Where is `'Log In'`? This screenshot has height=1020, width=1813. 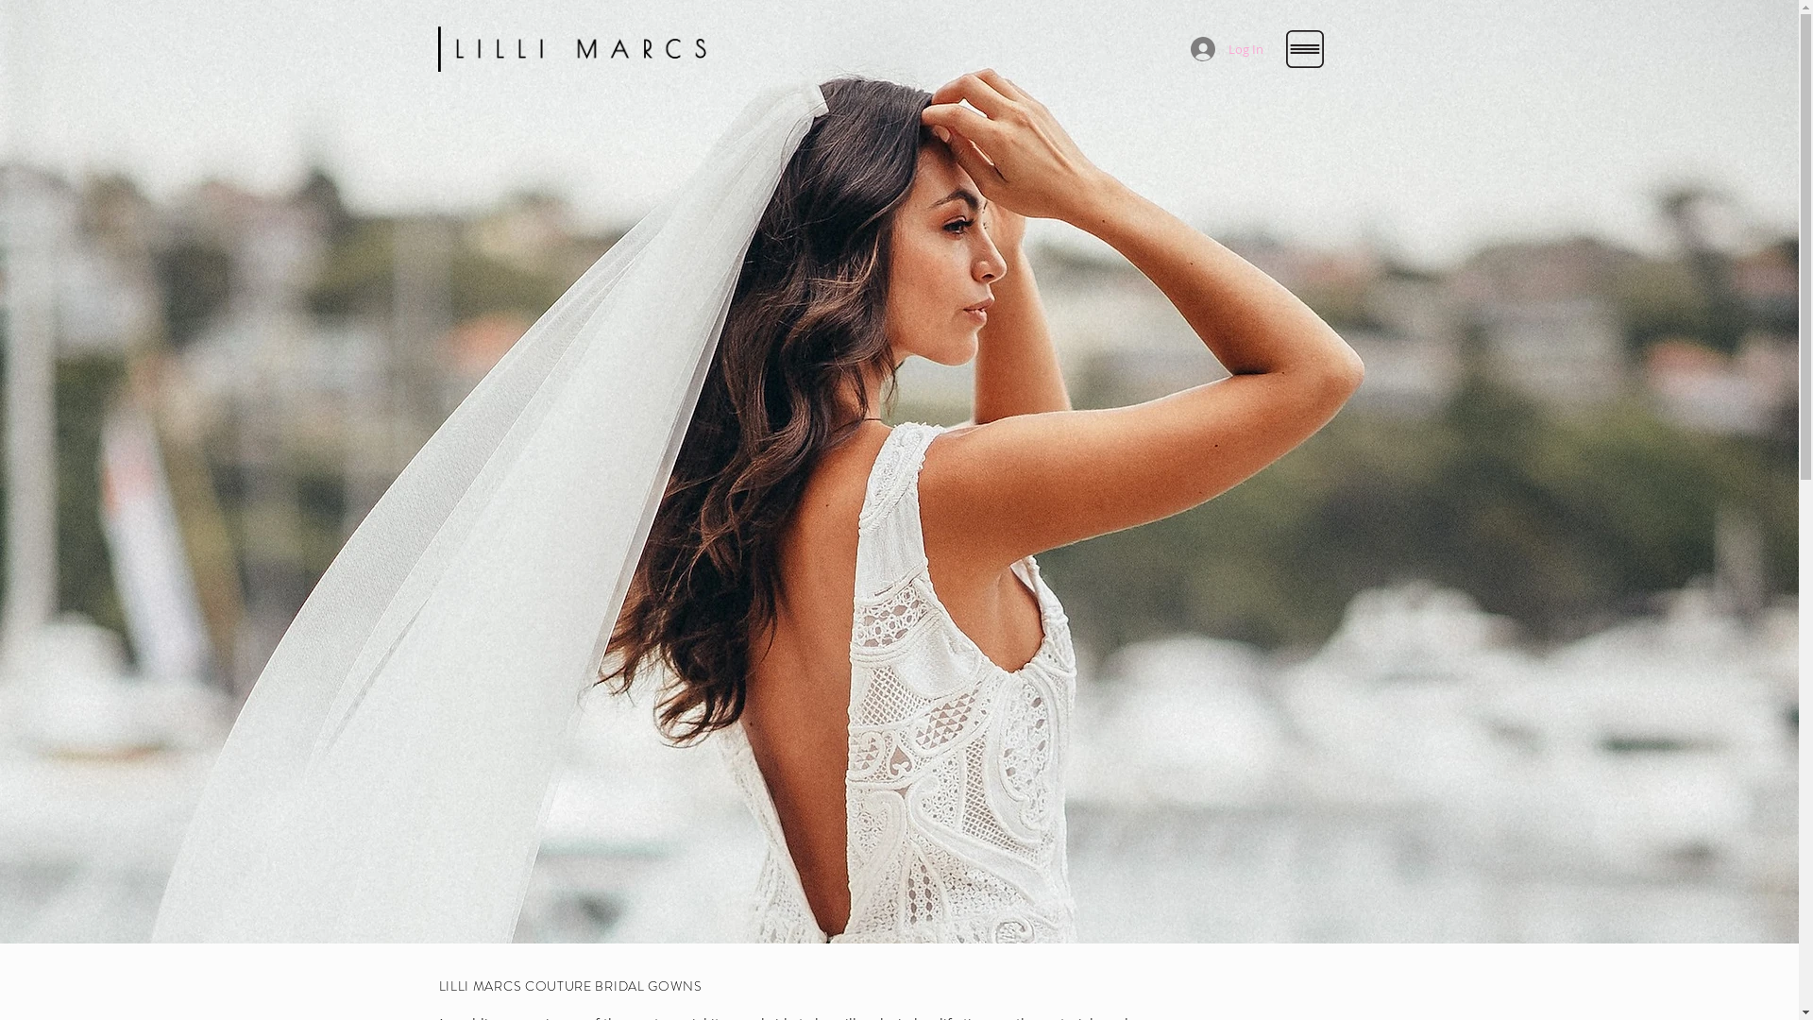
'Log In' is located at coordinates (1226, 47).